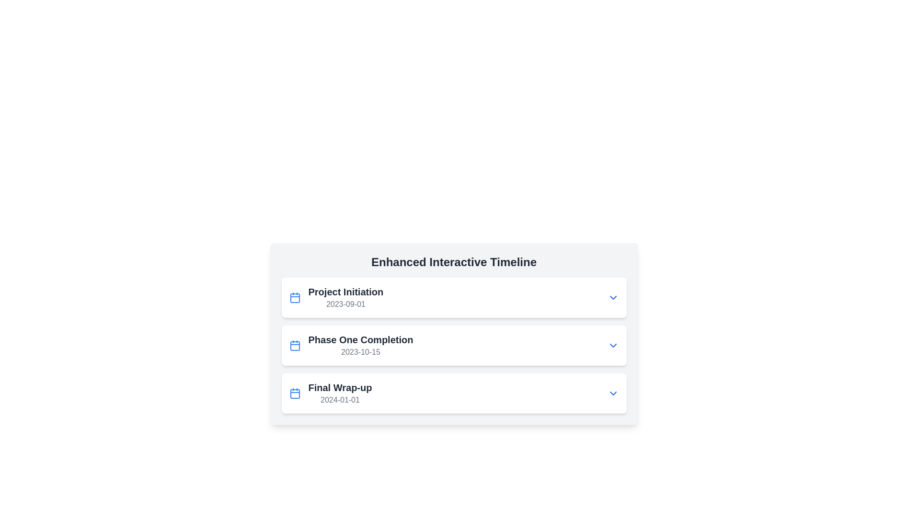  Describe the element at coordinates (294, 393) in the screenshot. I see `the third calendar icon with a light blue outline and white fill` at that location.